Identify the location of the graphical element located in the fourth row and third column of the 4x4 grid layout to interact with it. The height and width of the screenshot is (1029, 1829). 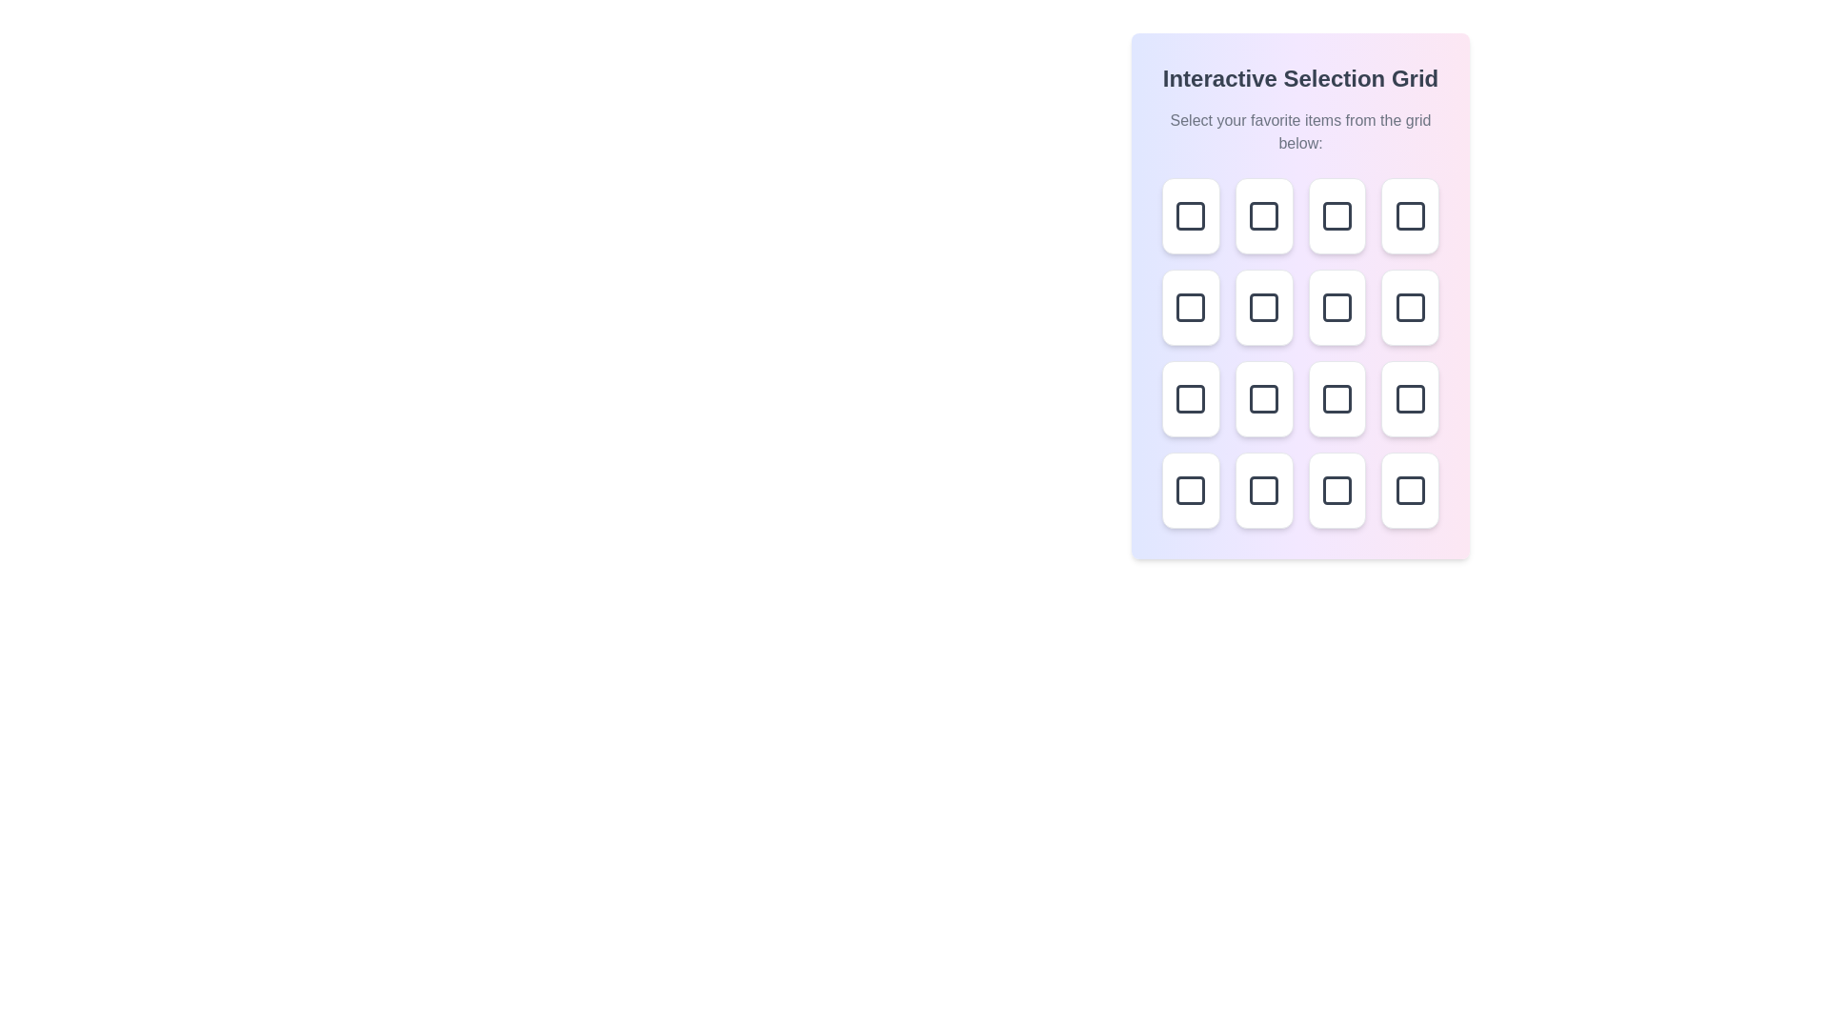
(1190, 490).